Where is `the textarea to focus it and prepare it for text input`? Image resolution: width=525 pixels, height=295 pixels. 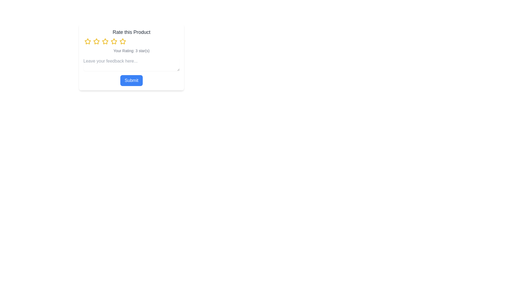 the textarea to focus it and prepare it for text input is located at coordinates (131, 64).